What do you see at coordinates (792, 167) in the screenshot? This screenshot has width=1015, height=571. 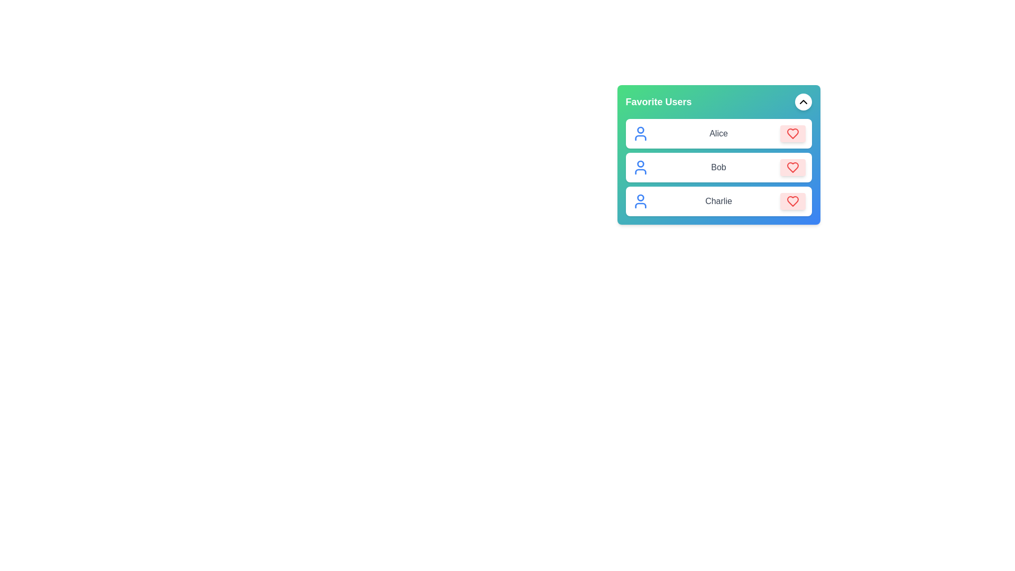 I see `the heart button next to the user Bob` at bounding box center [792, 167].